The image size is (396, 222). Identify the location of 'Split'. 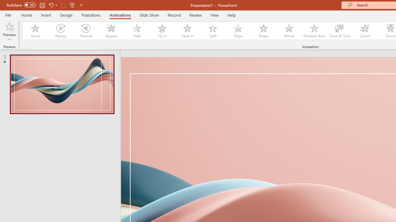
(213, 31).